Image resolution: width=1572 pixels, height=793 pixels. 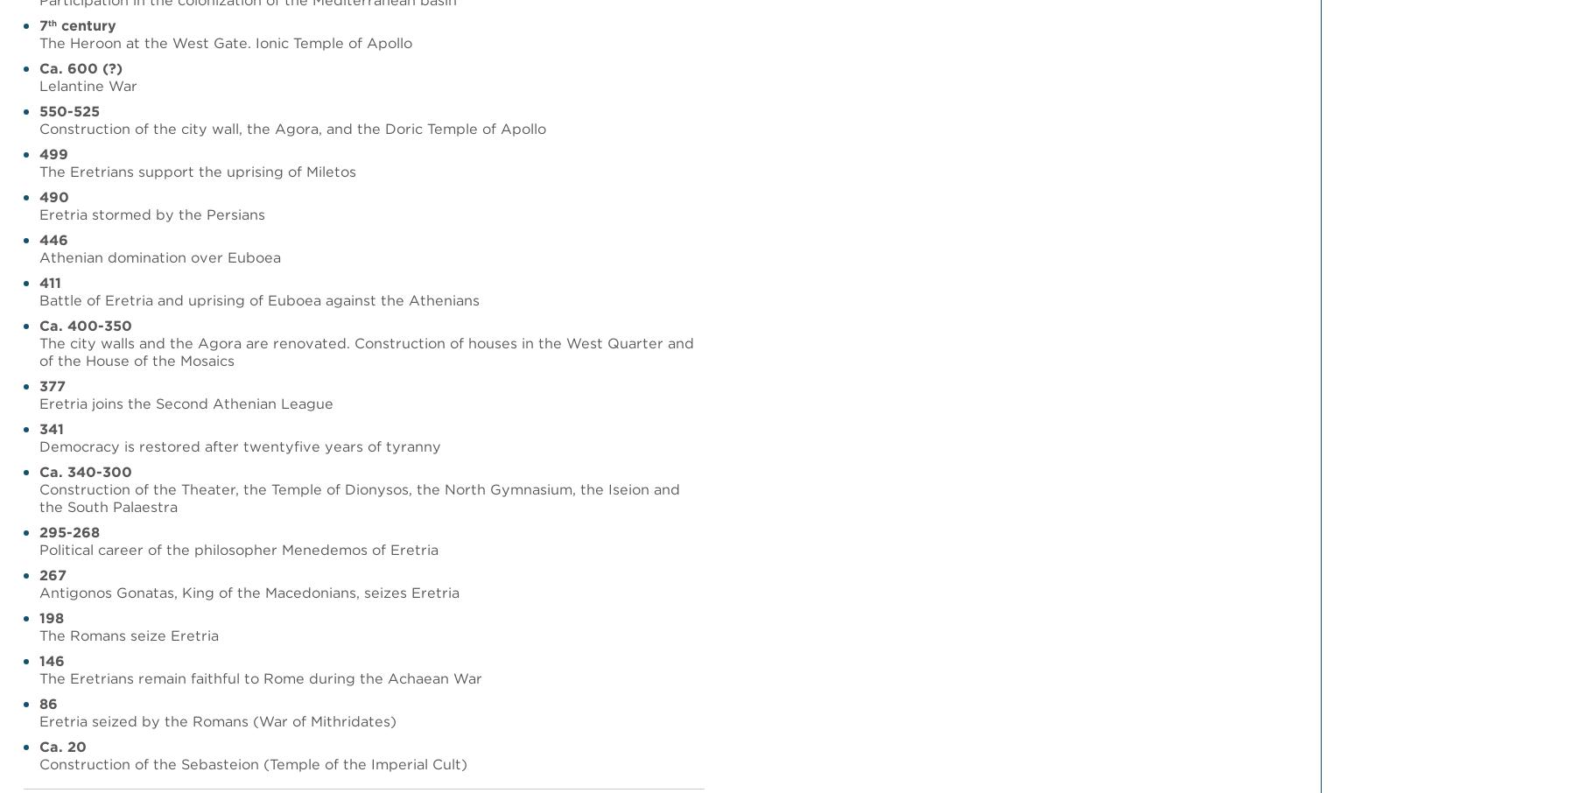 What do you see at coordinates (53, 238) in the screenshot?
I see `'446'` at bounding box center [53, 238].